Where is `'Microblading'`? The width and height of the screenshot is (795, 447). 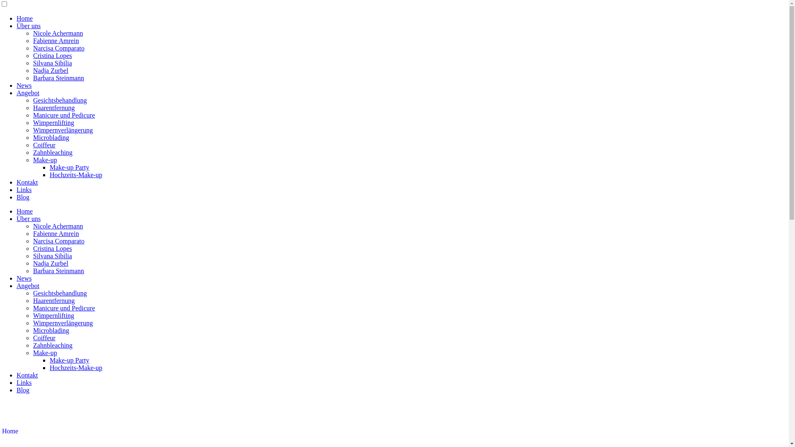 'Microblading' is located at coordinates (51, 330).